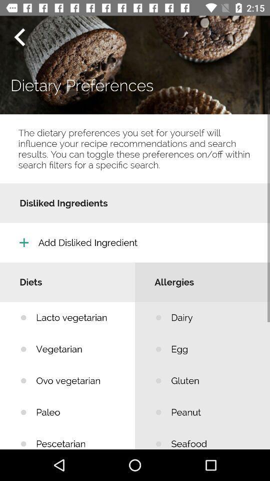 This screenshot has height=481, width=270. Describe the element at coordinates (212, 317) in the screenshot. I see `the icon next to diets icon` at that location.